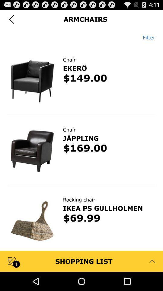  What do you see at coordinates (146, 37) in the screenshot?
I see `app below armchairs item` at bounding box center [146, 37].